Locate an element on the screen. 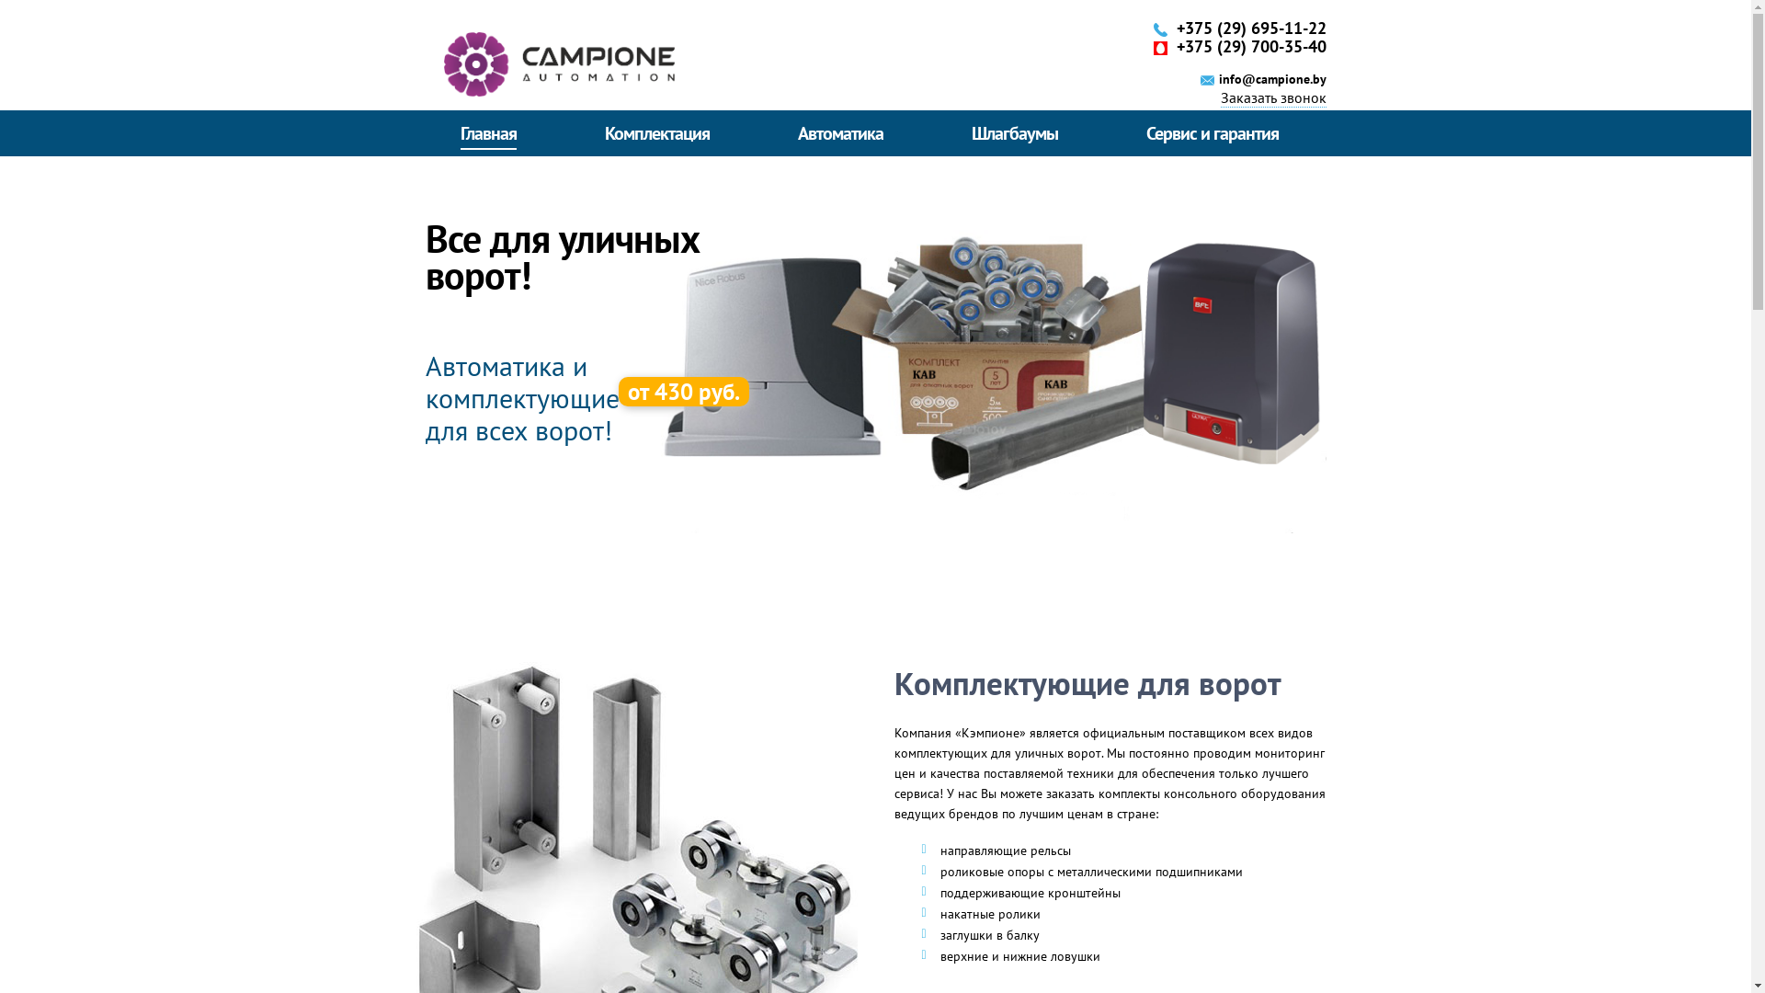 This screenshot has width=1765, height=993. 'info@campione.by' is located at coordinates (1271, 77).